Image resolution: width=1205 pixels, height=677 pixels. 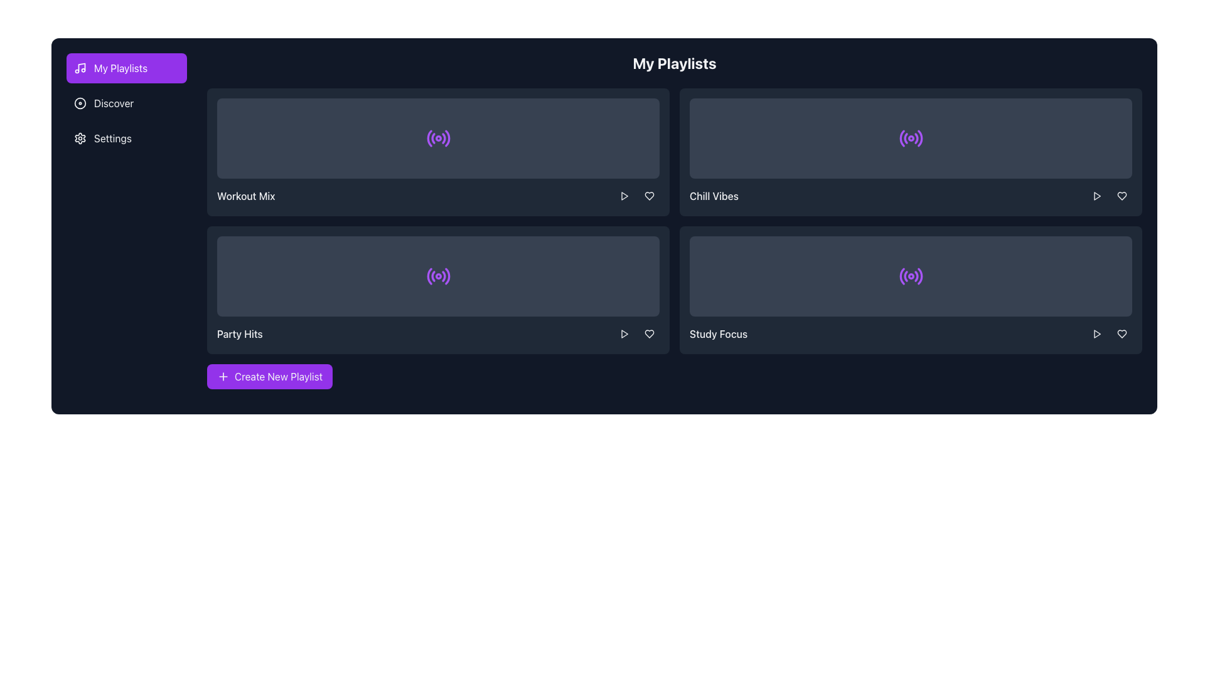 What do you see at coordinates (126, 138) in the screenshot?
I see `the 'Settings' navigation item, which is styled as a clickable element with a gear icon and text, located in the left-side navigation menu under 'My Playlists'` at bounding box center [126, 138].